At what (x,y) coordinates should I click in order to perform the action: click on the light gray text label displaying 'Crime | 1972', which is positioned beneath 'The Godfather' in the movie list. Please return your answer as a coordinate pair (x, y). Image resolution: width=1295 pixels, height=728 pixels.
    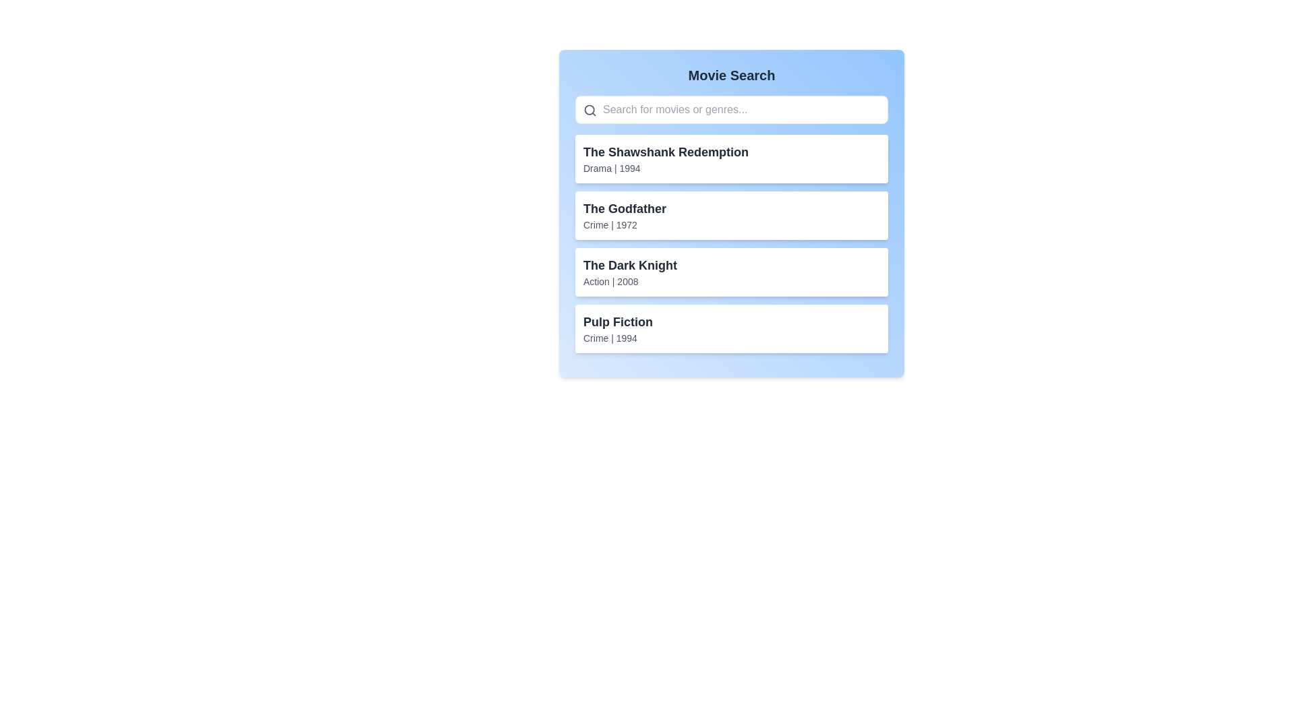
    Looking at the image, I should click on (624, 224).